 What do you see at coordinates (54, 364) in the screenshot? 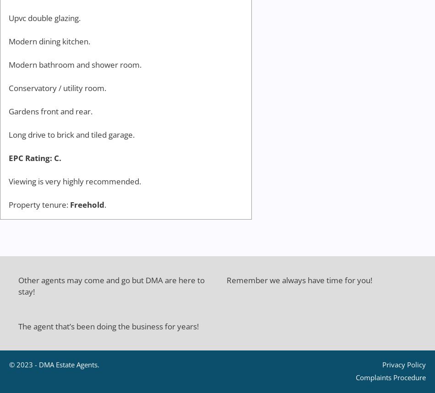
I see `'© 2023 - DMA Estate Agents.'` at bounding box center [54, 364].